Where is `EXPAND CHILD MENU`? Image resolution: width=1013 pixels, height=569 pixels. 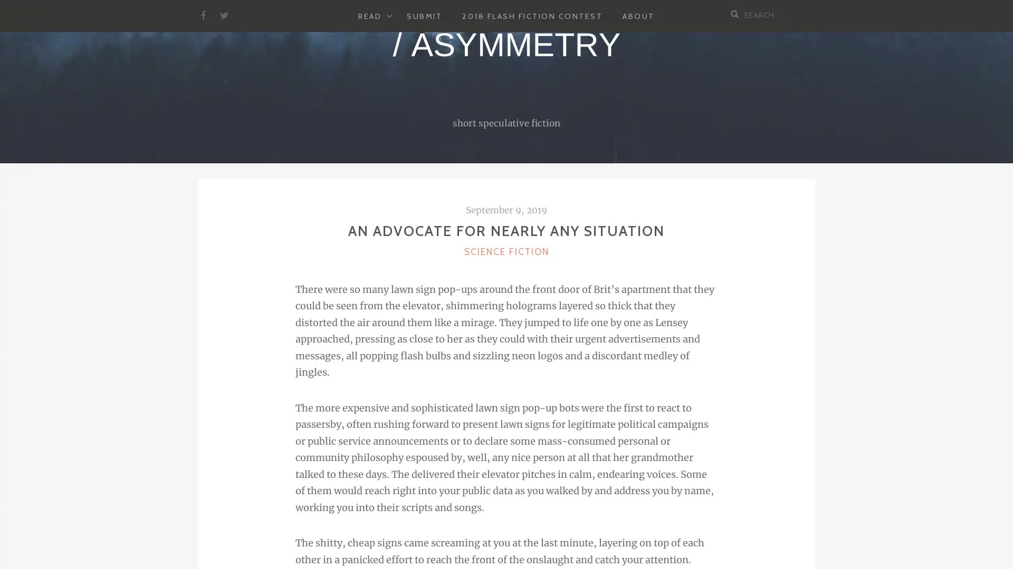 EXPAND CHILD MENU is located at coordinates (388, 15).